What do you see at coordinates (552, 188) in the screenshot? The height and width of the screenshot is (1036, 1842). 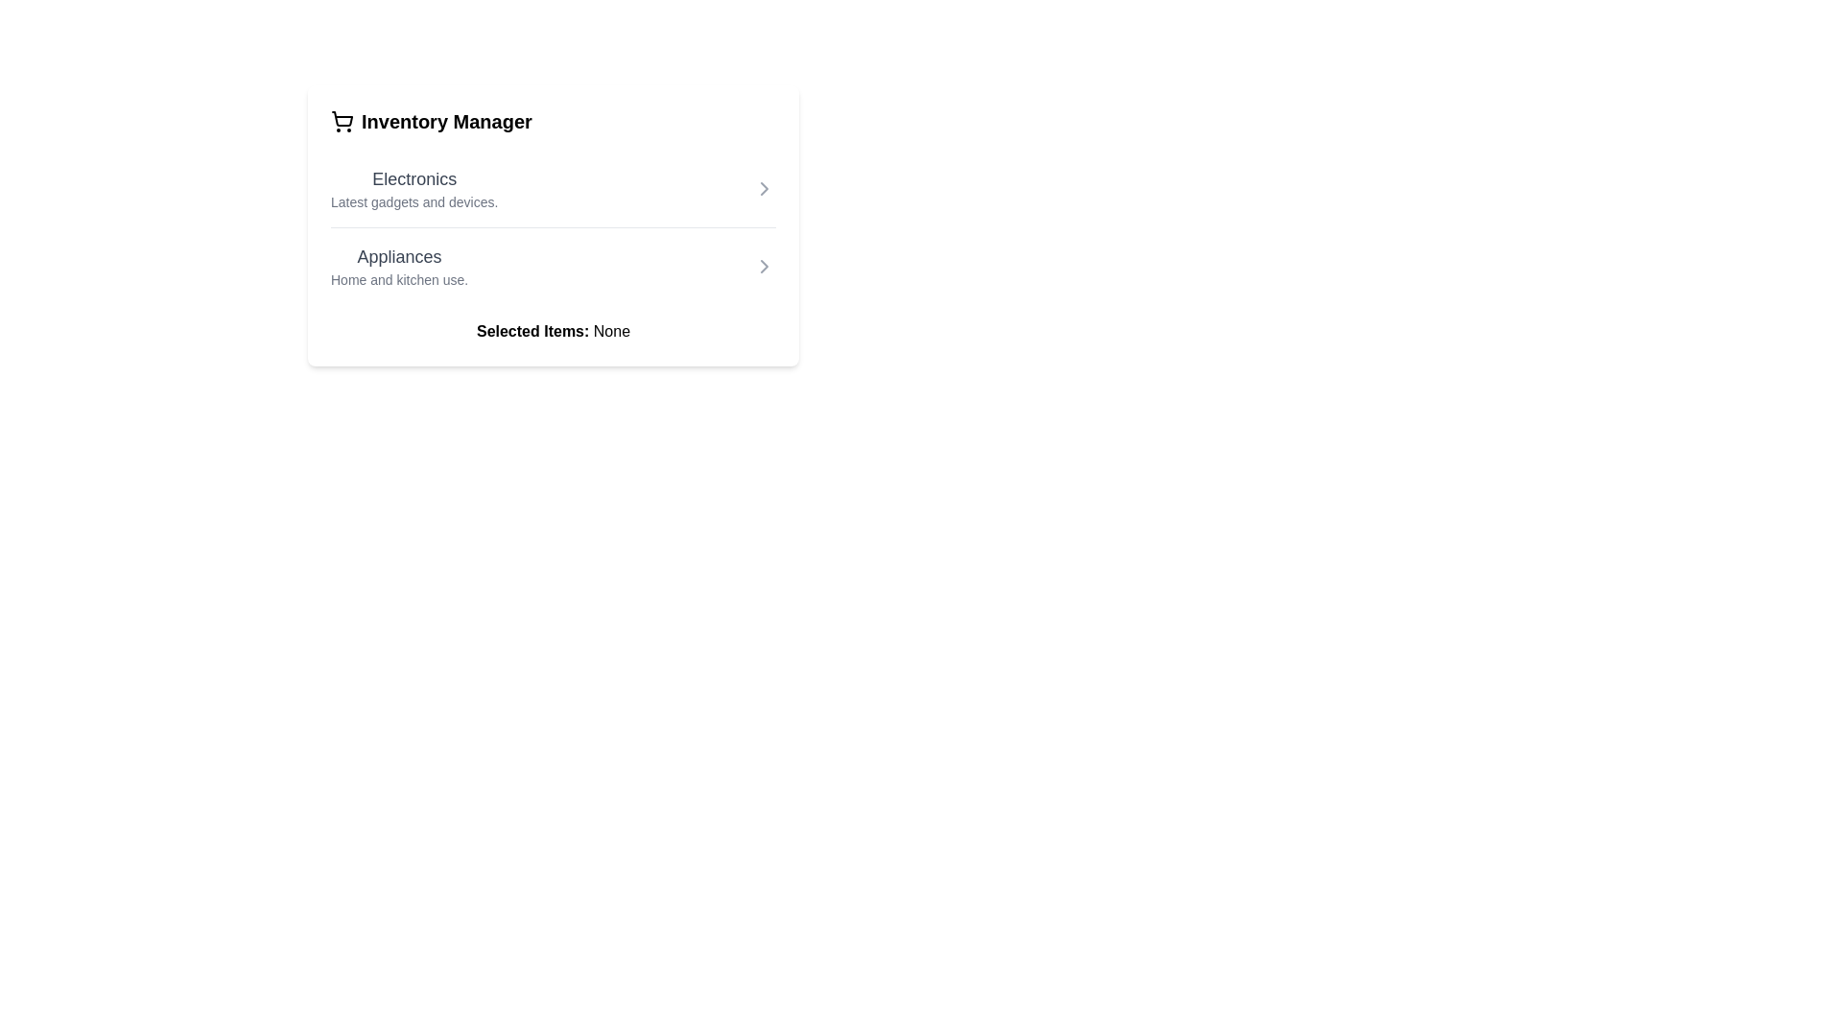 I see `the first item in the list titled 'Electronics', which serves as an interactive link to a related page` at bounding box center [552, 188].